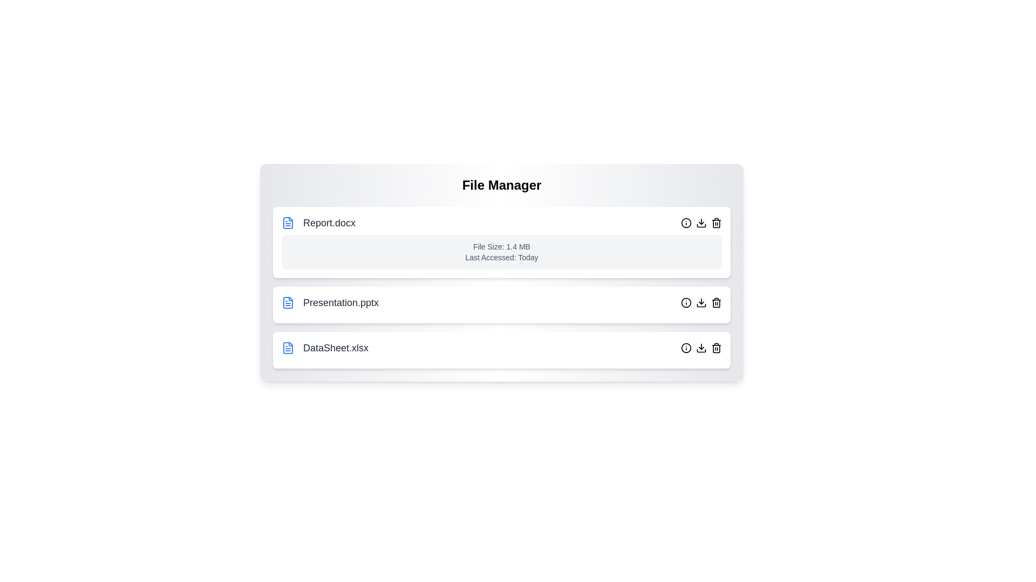  What do you see at coordinates (717, 348) in the screenshot?
I see `the delete button for the file named DataSheet.xlsx` at bounding box center [717, 348].